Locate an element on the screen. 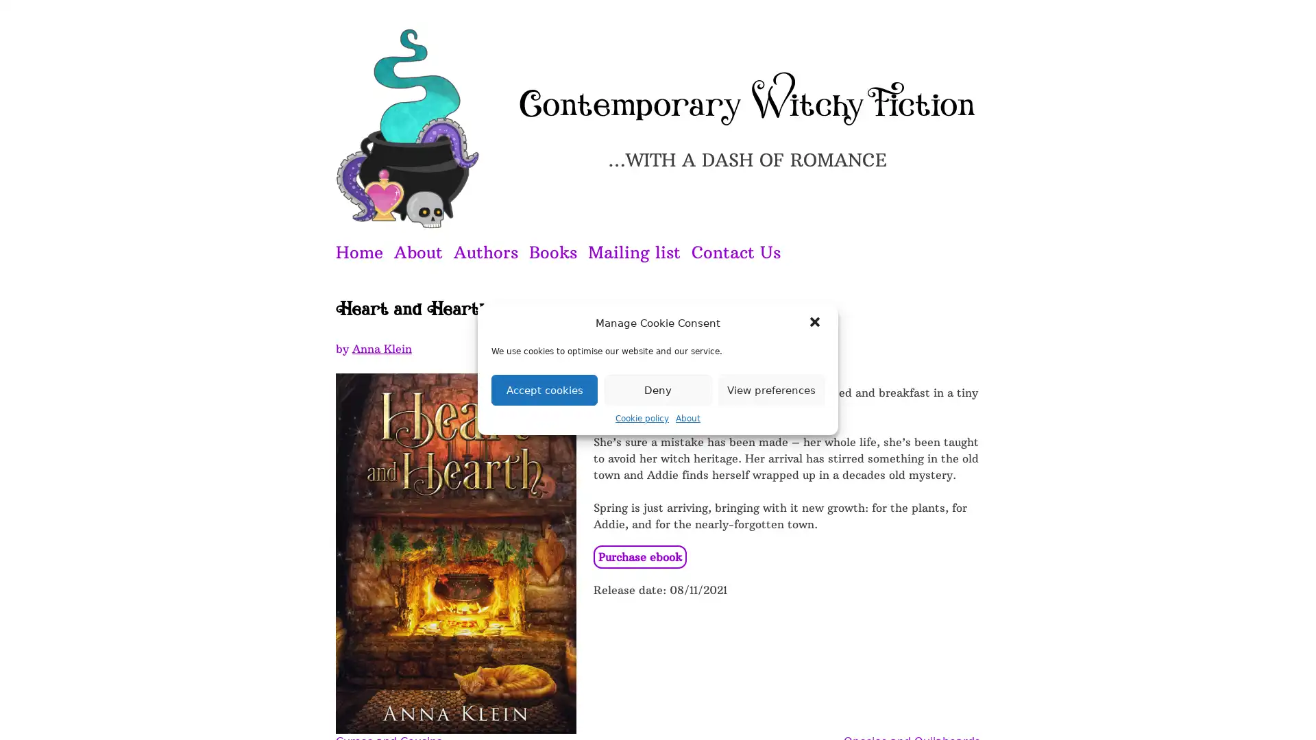  View preferences is located at coordinates (770, 390).